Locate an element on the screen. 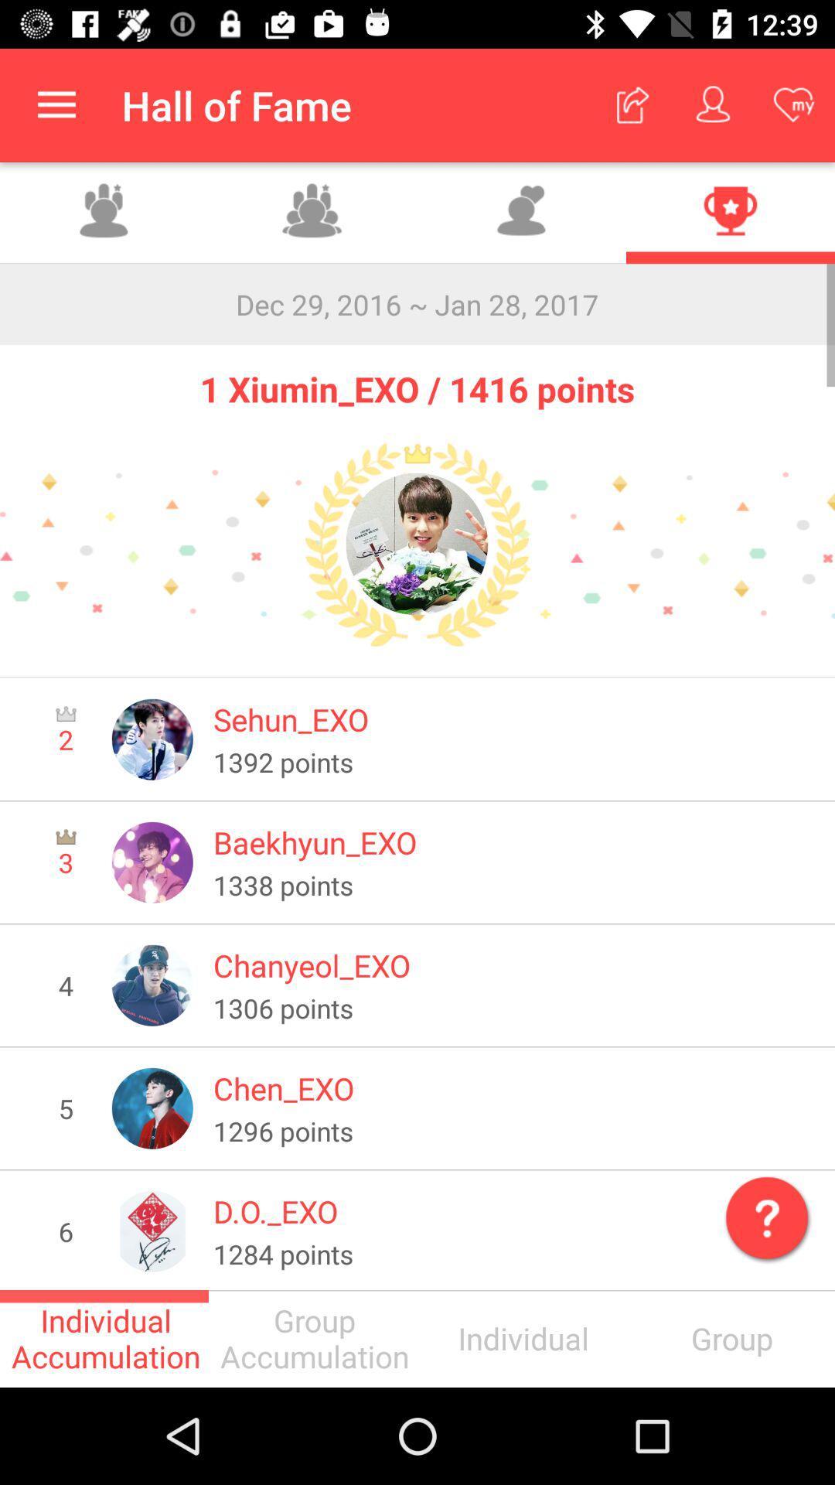 This screenshot has height=1485, width=835. the individual accumulation is located at coordinates (104, 1338).